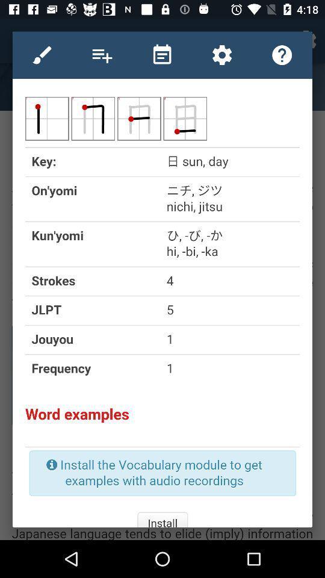 Image resolution: width=325 pixels, height=578 pixels. Describe the element at coordinates (282, 55) in the screenshot. I see `help` at that location.